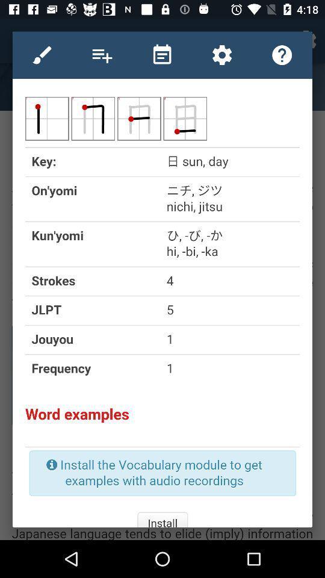 Image resolution: width=325 pixels, height=578 pixels. Describe the element at coordinates (282, 55) in the screenshot. I see `help` at that location.